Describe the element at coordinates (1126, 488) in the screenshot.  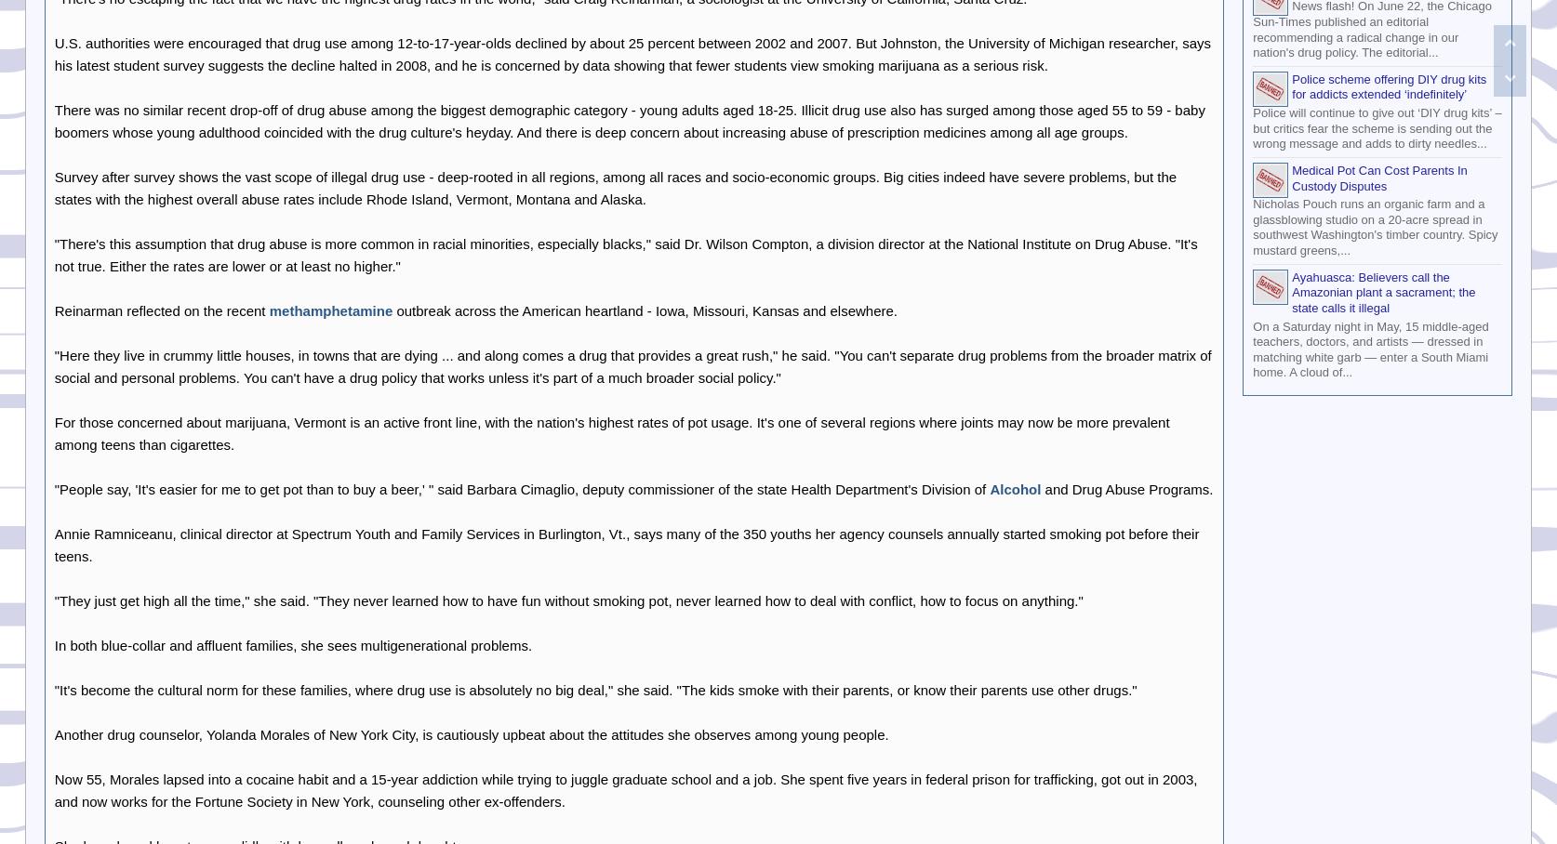
I see `'and Drug Abuse Programs.'` at that location.